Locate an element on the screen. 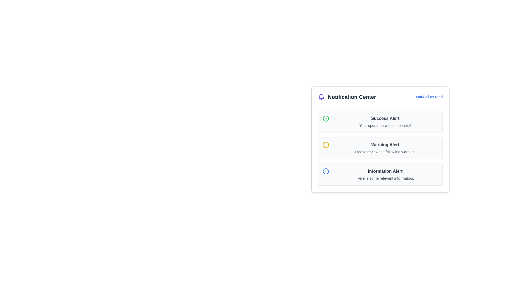 The image size is (518, 291). the 'Warning Alert' text content located in the 'Notification Center', which displays a warning message to the user and is positioned within the second card from the top is located at coordinates (385, 148).